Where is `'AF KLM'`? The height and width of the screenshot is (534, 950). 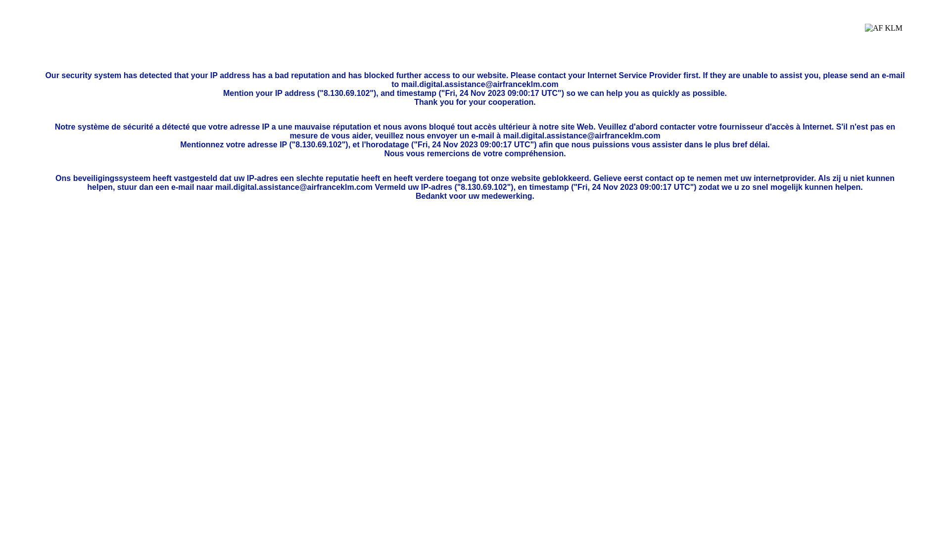 'AF KLM' is located at coordinates (883, 35).